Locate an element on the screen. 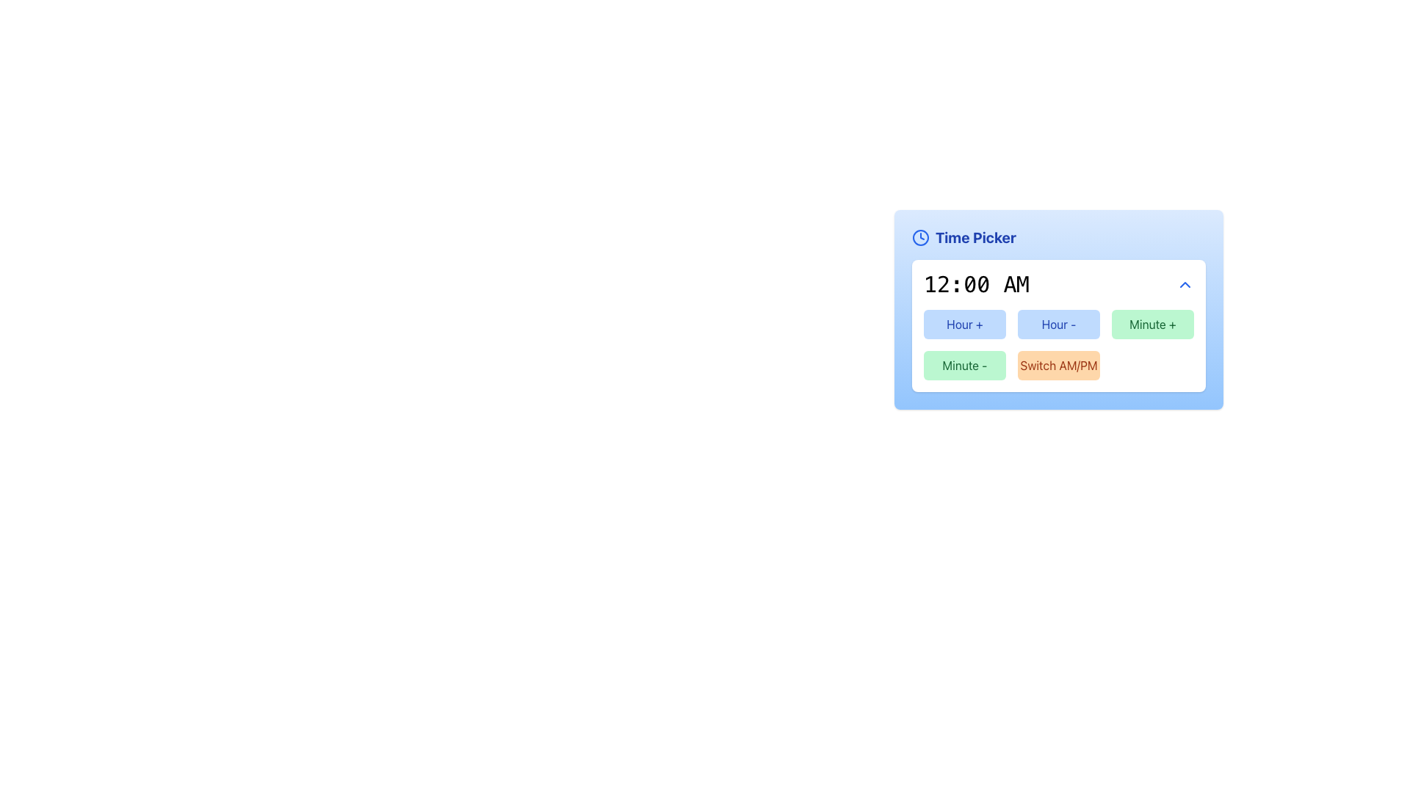  the 'Hour +' button, which is a light blue rectangular button with rounded corners and blue text is located at coordinates (965, 324).